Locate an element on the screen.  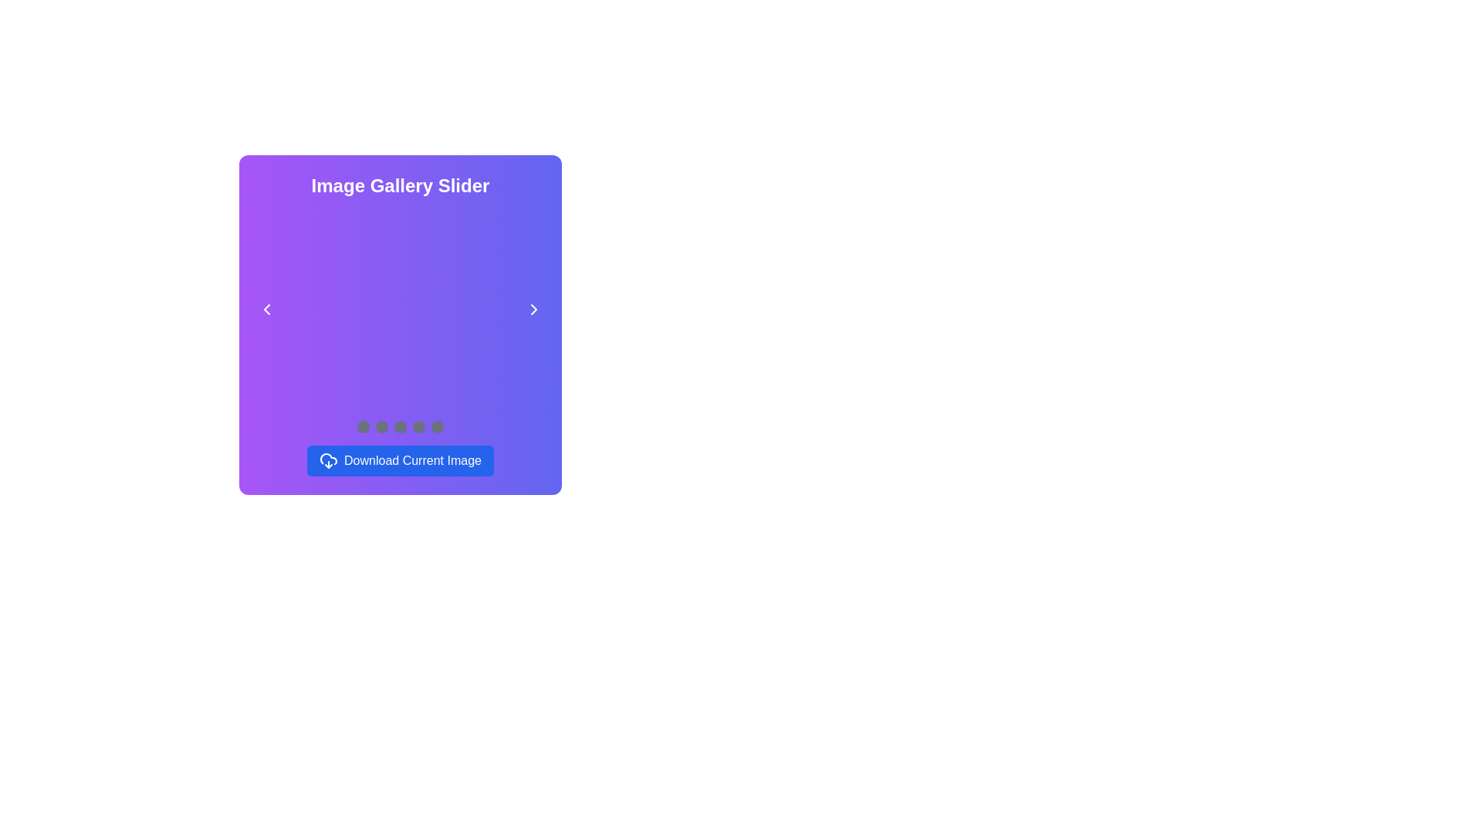
cloud graphical icon, which is part of a larger download icon in the image gallery interface, for design details is located at coordinates (328, 458).